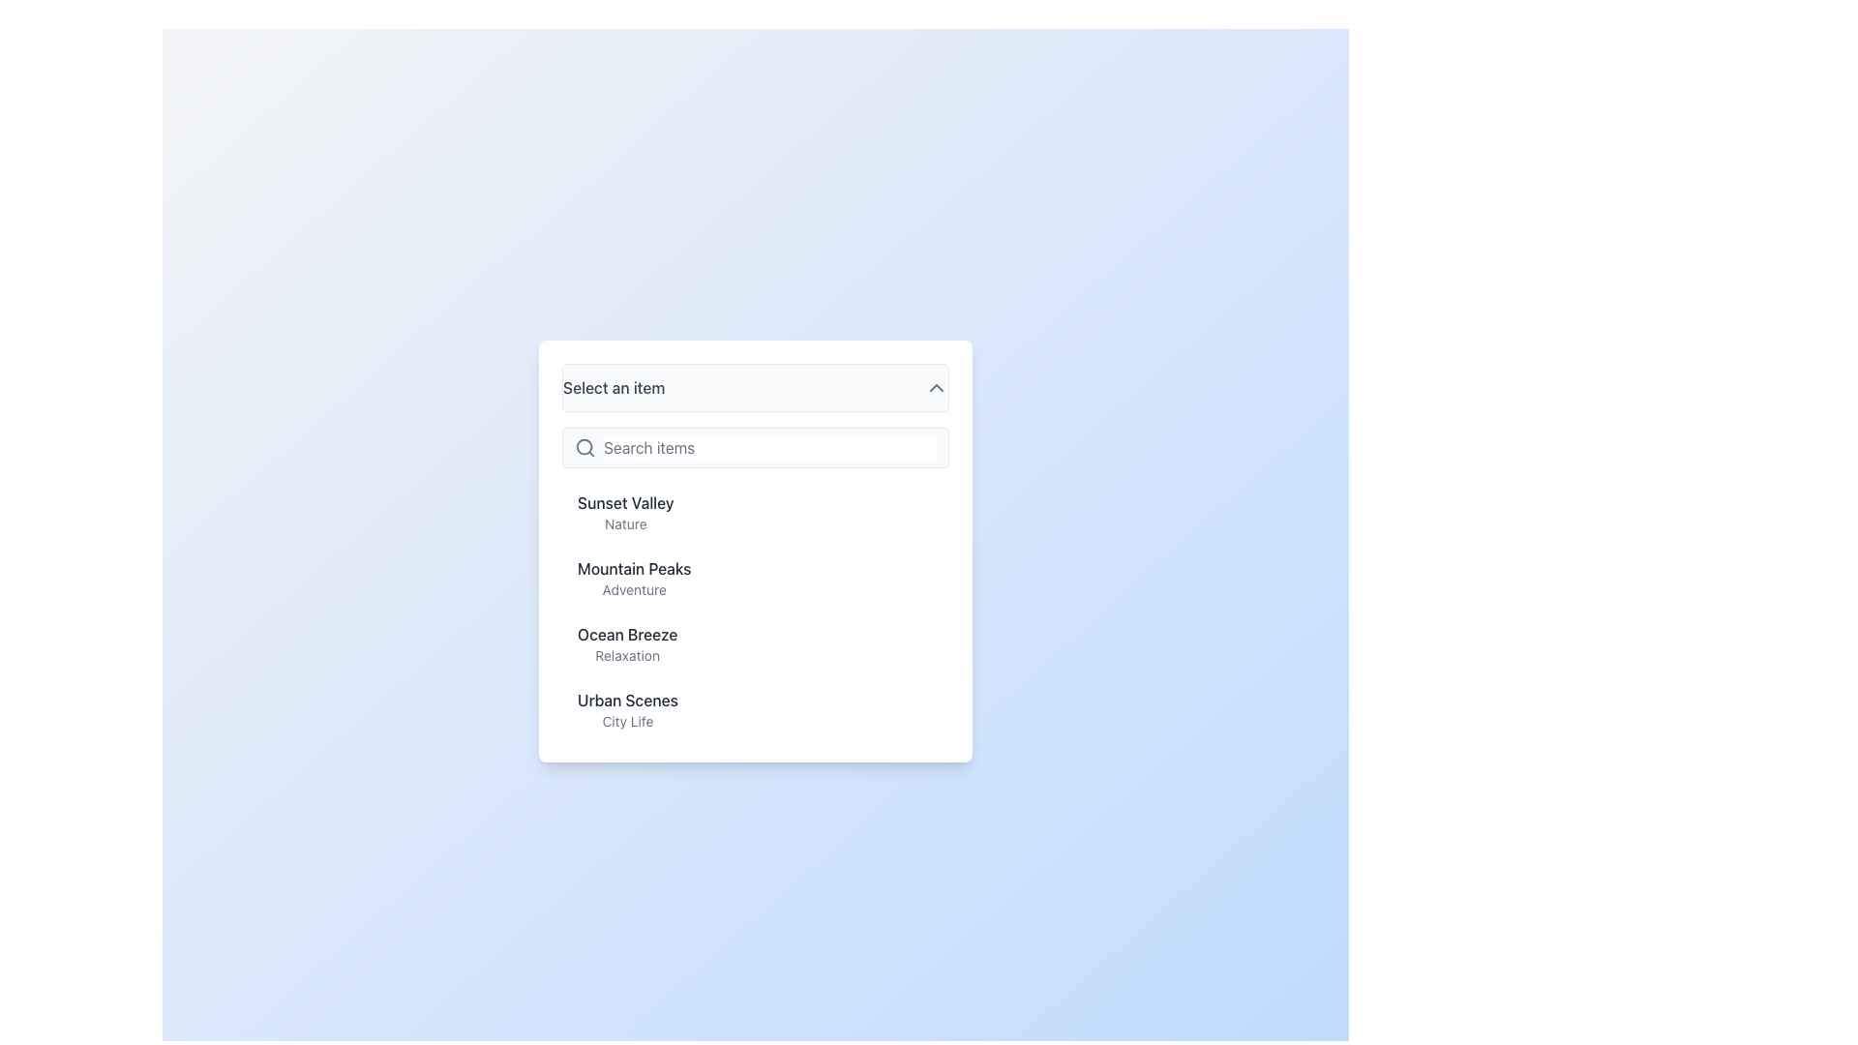  What do you see at coordinates (625, 502) in the screenshot?
I see `the dropdown entry labeled 'Sunset Valley', which is the primary label above the smaller descriptive label 'Nature'` at bounding box center [625, 502].